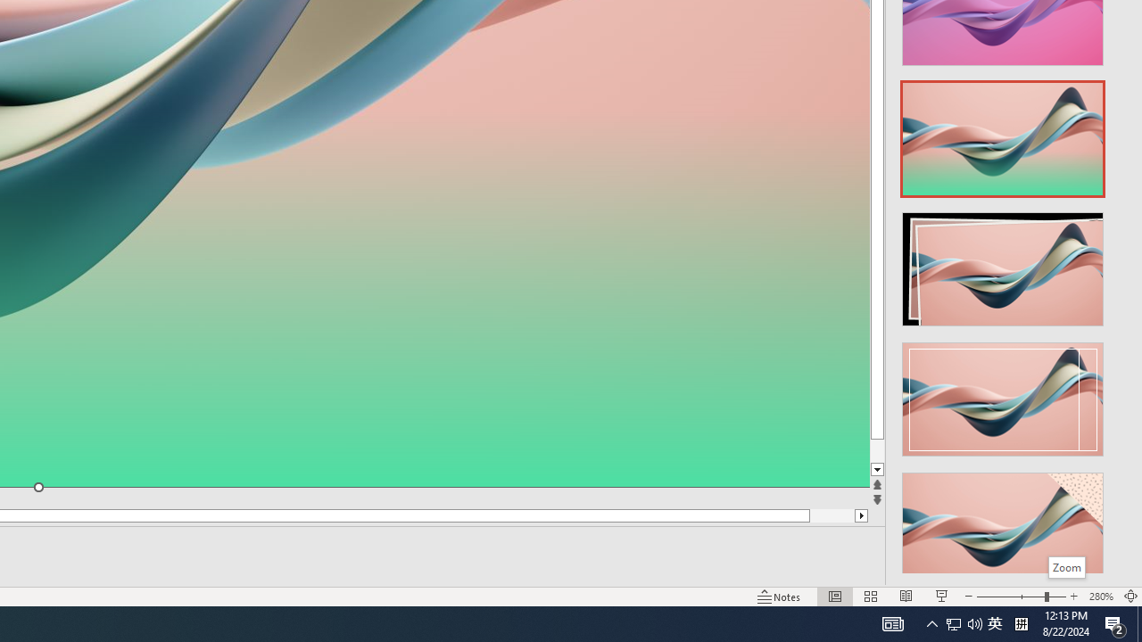 This screenshot has height=642, width=1142. Describe the element at coordinates (1100, 597) in the screenshot. I see `'Zoom 280%'` at that location.